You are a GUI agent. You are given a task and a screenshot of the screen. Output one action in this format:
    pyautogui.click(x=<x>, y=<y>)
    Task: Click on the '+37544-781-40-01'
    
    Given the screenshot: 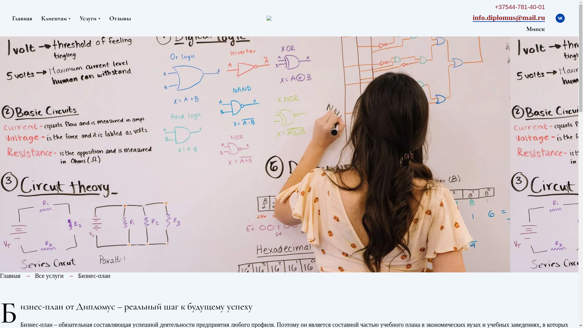 What is the action you would take?
    pyautogui.click(x=520, y=8)
    